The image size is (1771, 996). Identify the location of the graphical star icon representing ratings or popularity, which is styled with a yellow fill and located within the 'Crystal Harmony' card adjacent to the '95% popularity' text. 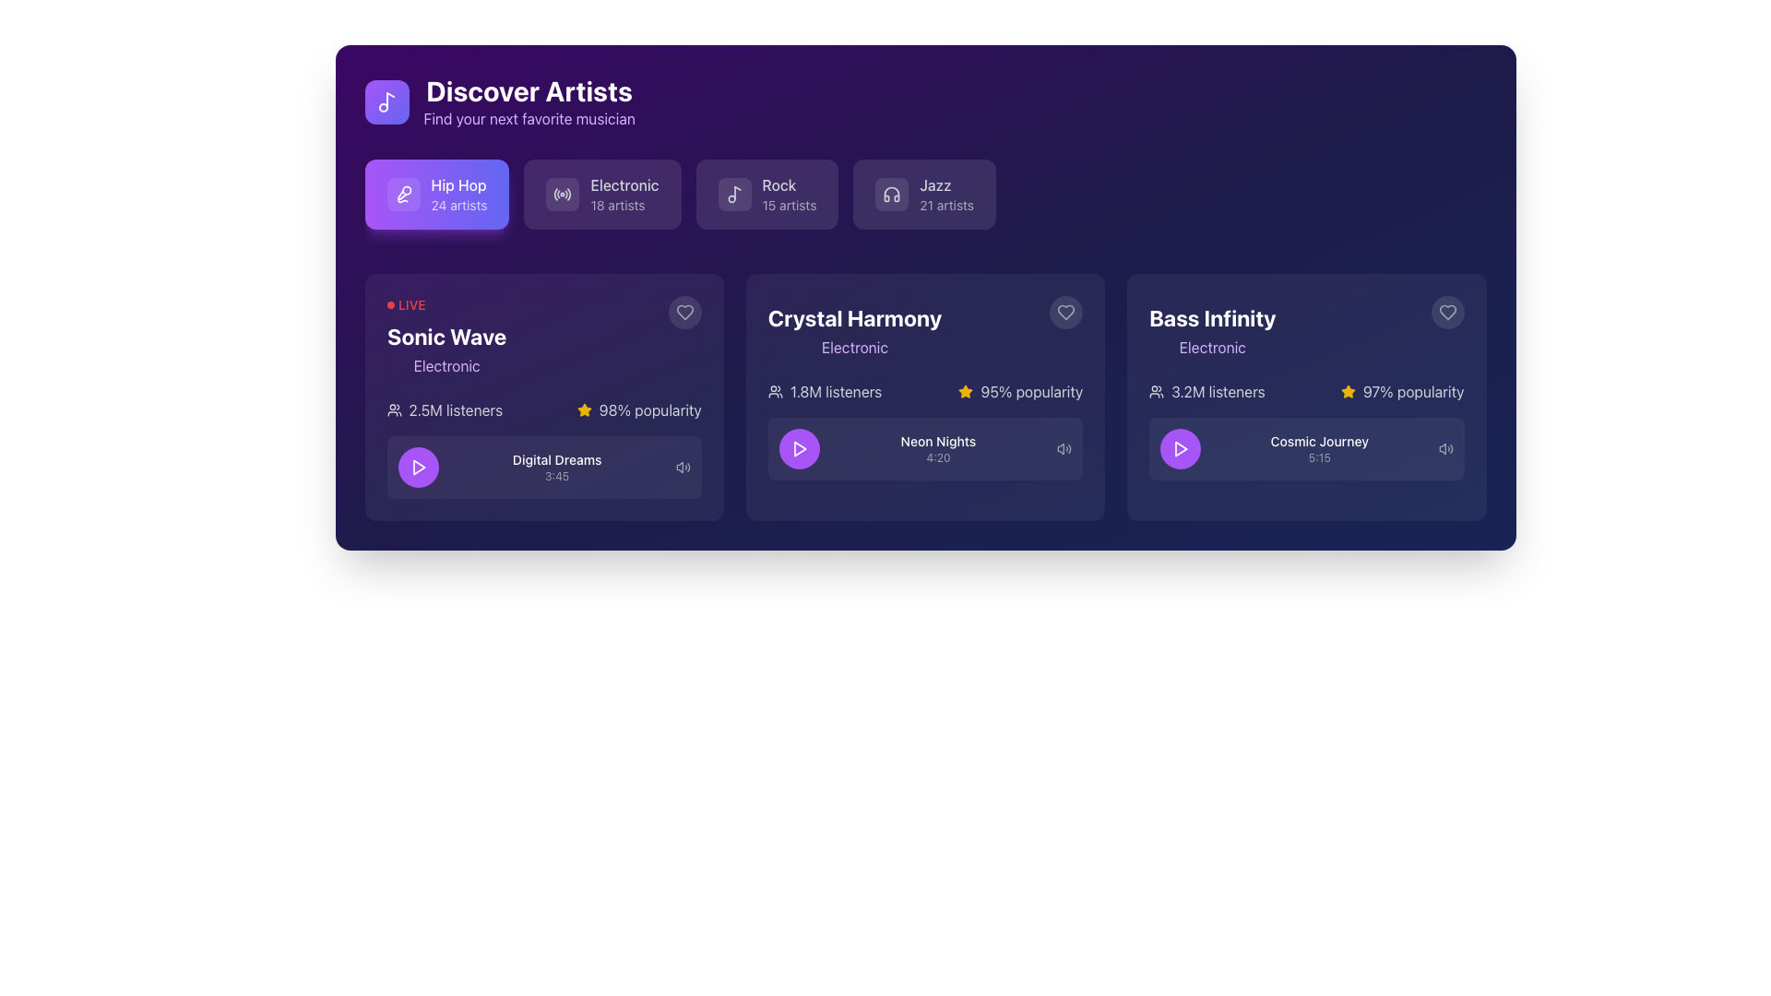
(965, 390).